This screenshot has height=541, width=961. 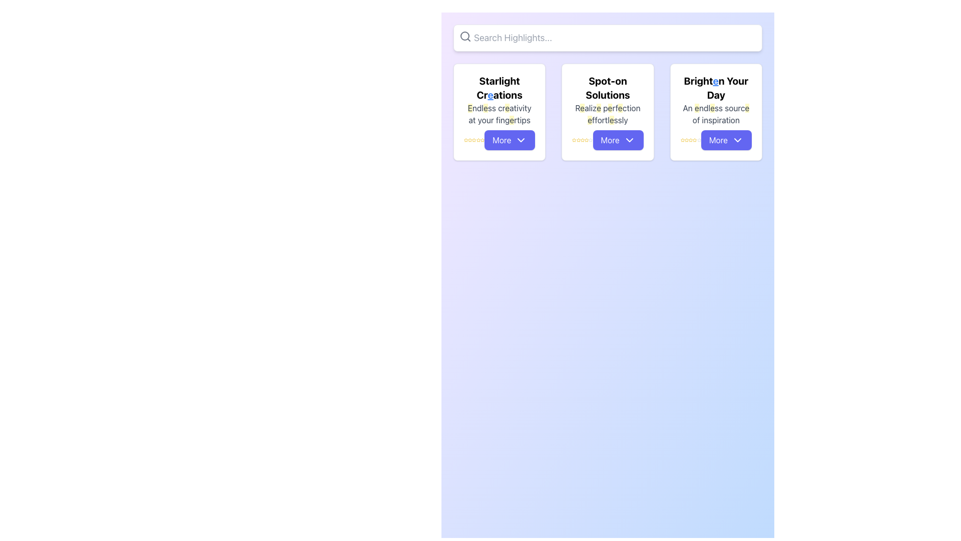 I want to click on the text element that highlights the character 'E' in the sentence 'Endless creativity at your fingertips', located in the first card titled 'Starlight Creations', so click(x=469, y=108).